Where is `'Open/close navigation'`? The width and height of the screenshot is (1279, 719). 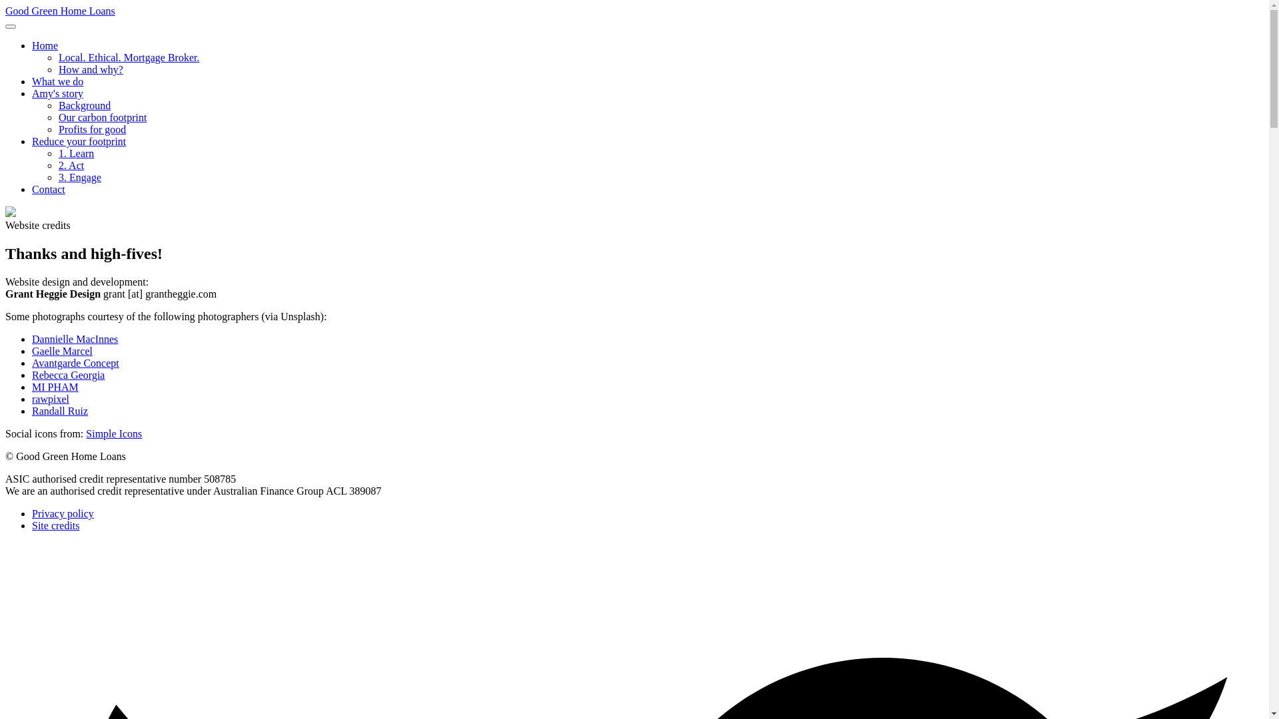
'Open/close navigation' is located at coordinates (5, 26).